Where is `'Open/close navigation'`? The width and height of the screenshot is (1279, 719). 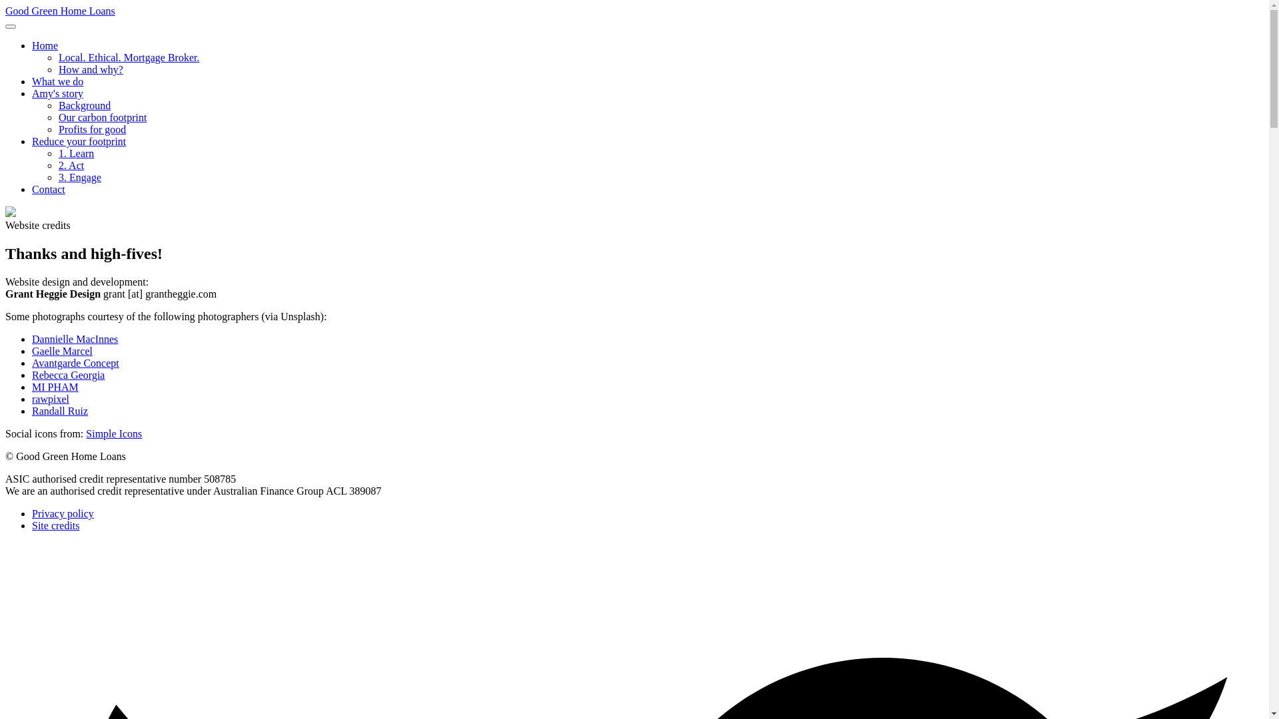
'Open/close navigation' is located at coordinates (5, 26).